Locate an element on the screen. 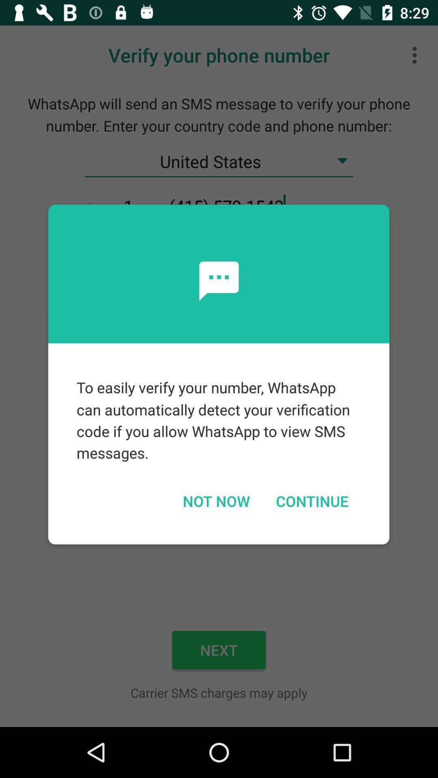 The image size is (438, 778). icon below to easily verify is located at coordinates (311, 500).